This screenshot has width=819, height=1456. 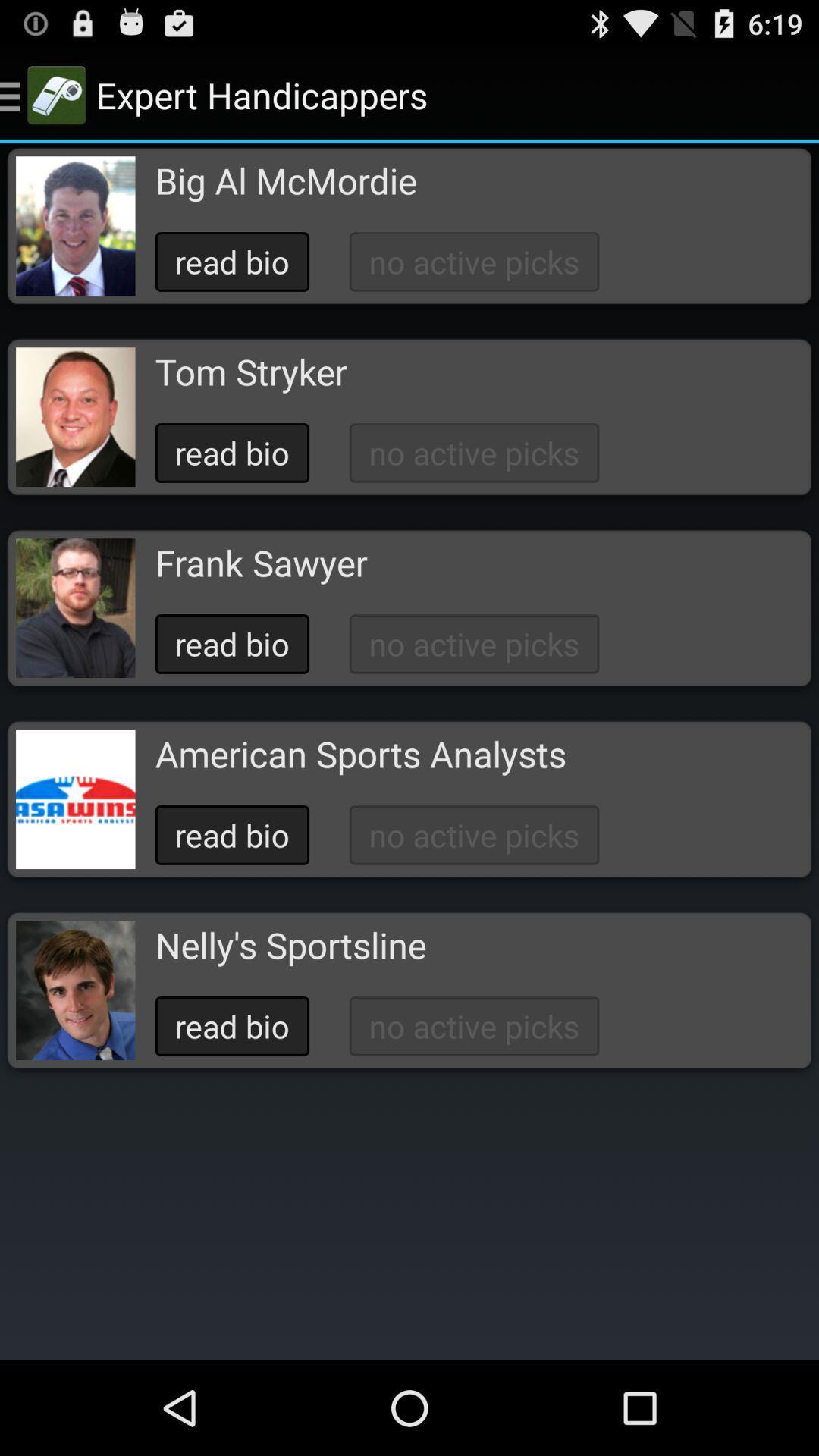 What do you see at coordinates (290, 944) in the screenshot?
I see `the item below read bio icon` at bounding box center [290, 944].